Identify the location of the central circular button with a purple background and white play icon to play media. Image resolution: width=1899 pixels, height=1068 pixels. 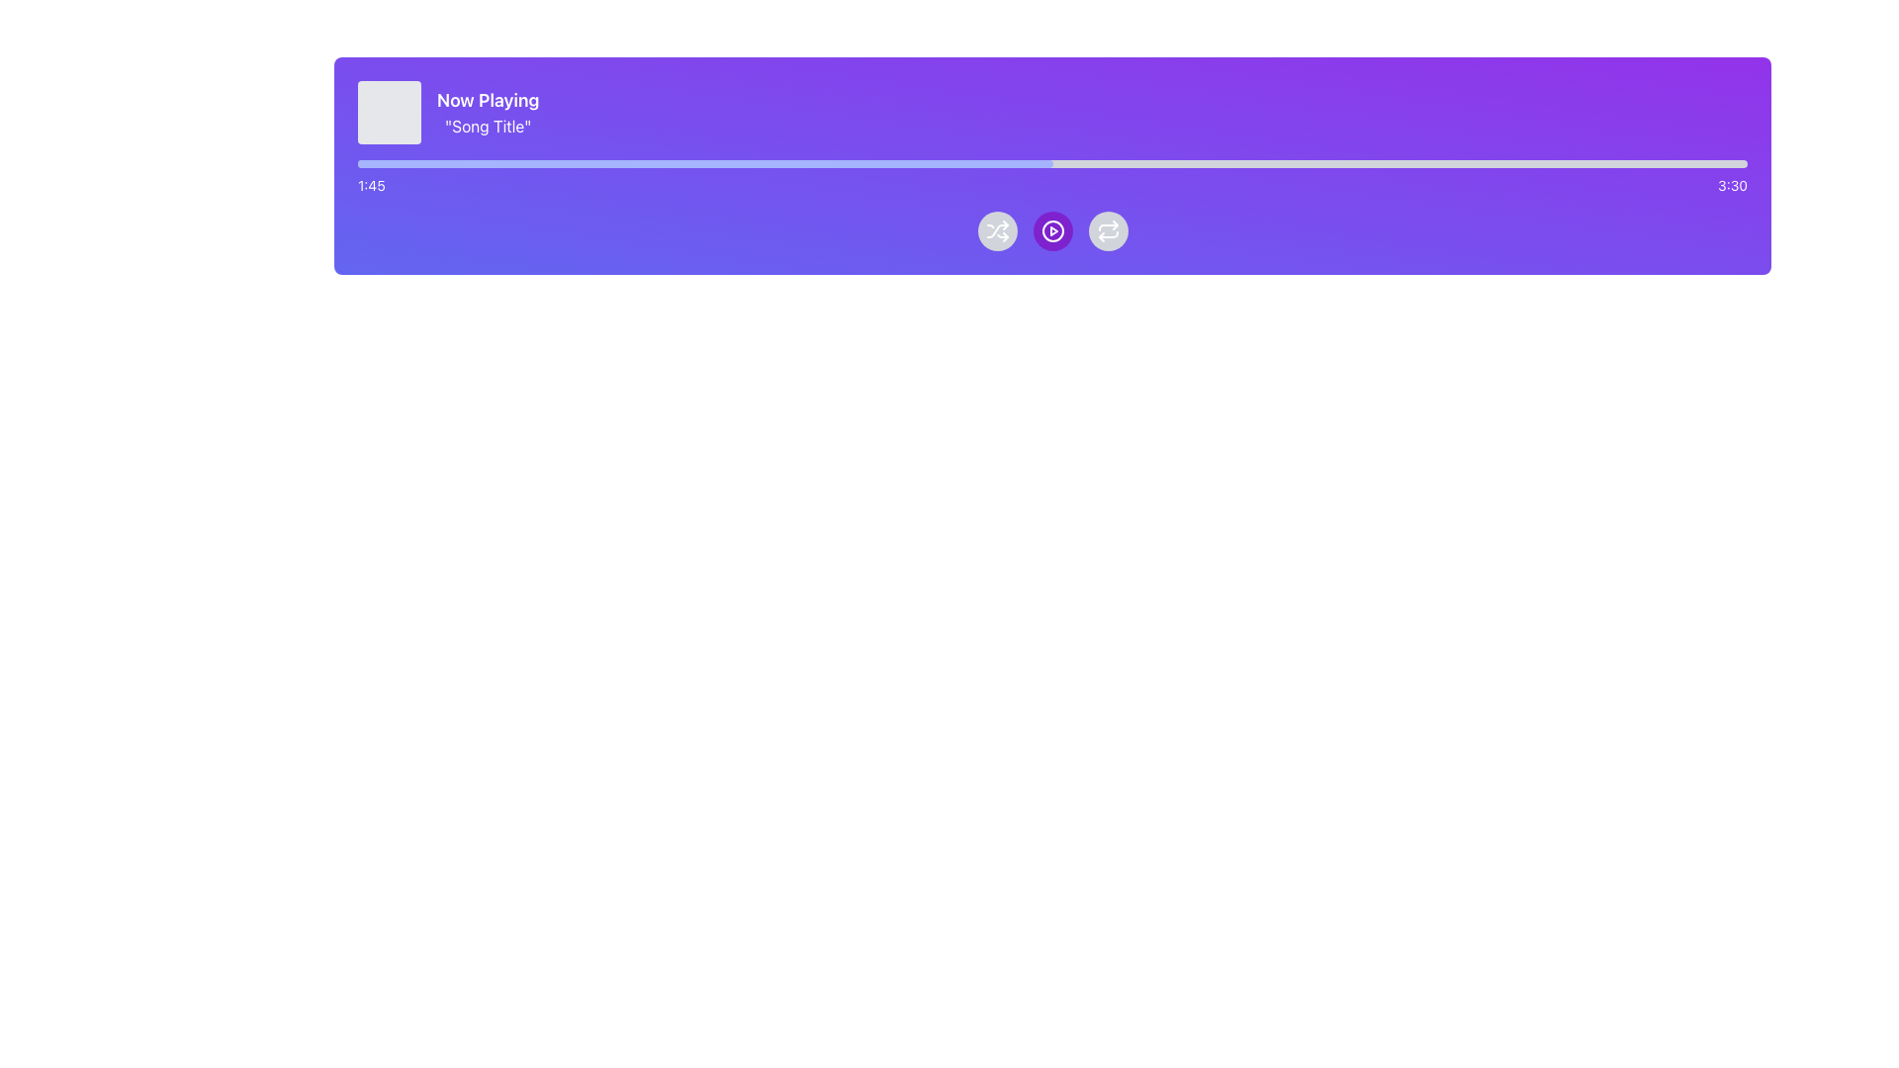
(1051, 230).